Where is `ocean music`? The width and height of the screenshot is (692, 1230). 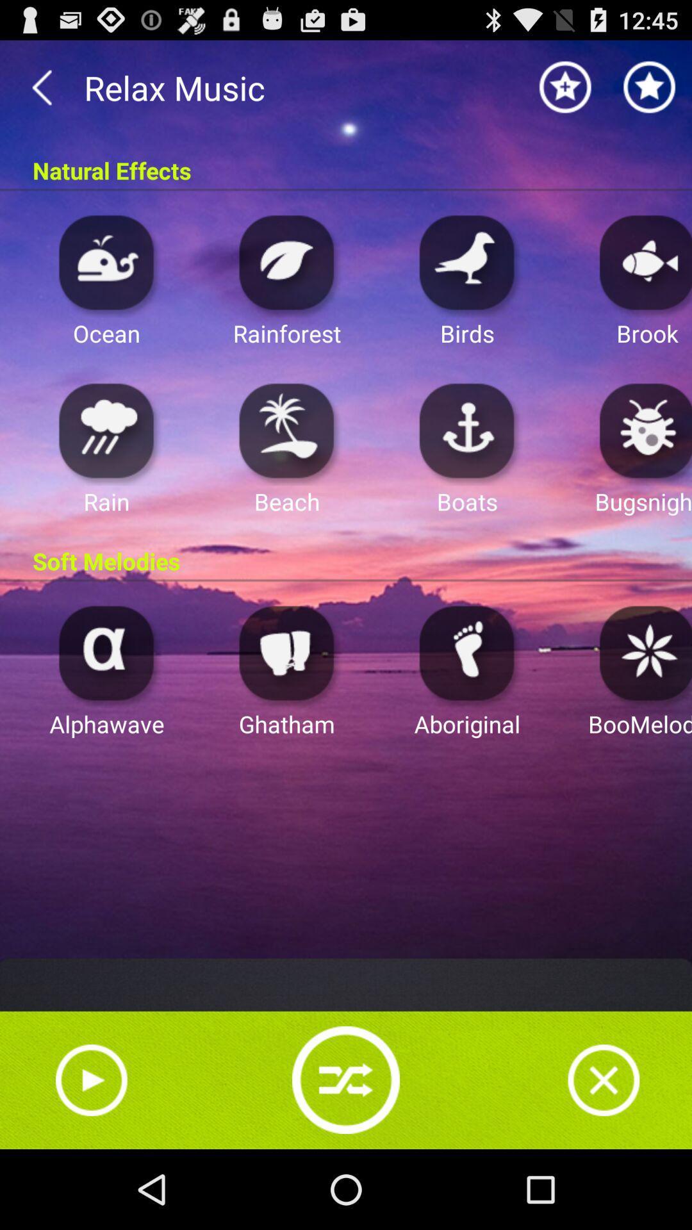
ocean music is located at coordinates (106, 261).